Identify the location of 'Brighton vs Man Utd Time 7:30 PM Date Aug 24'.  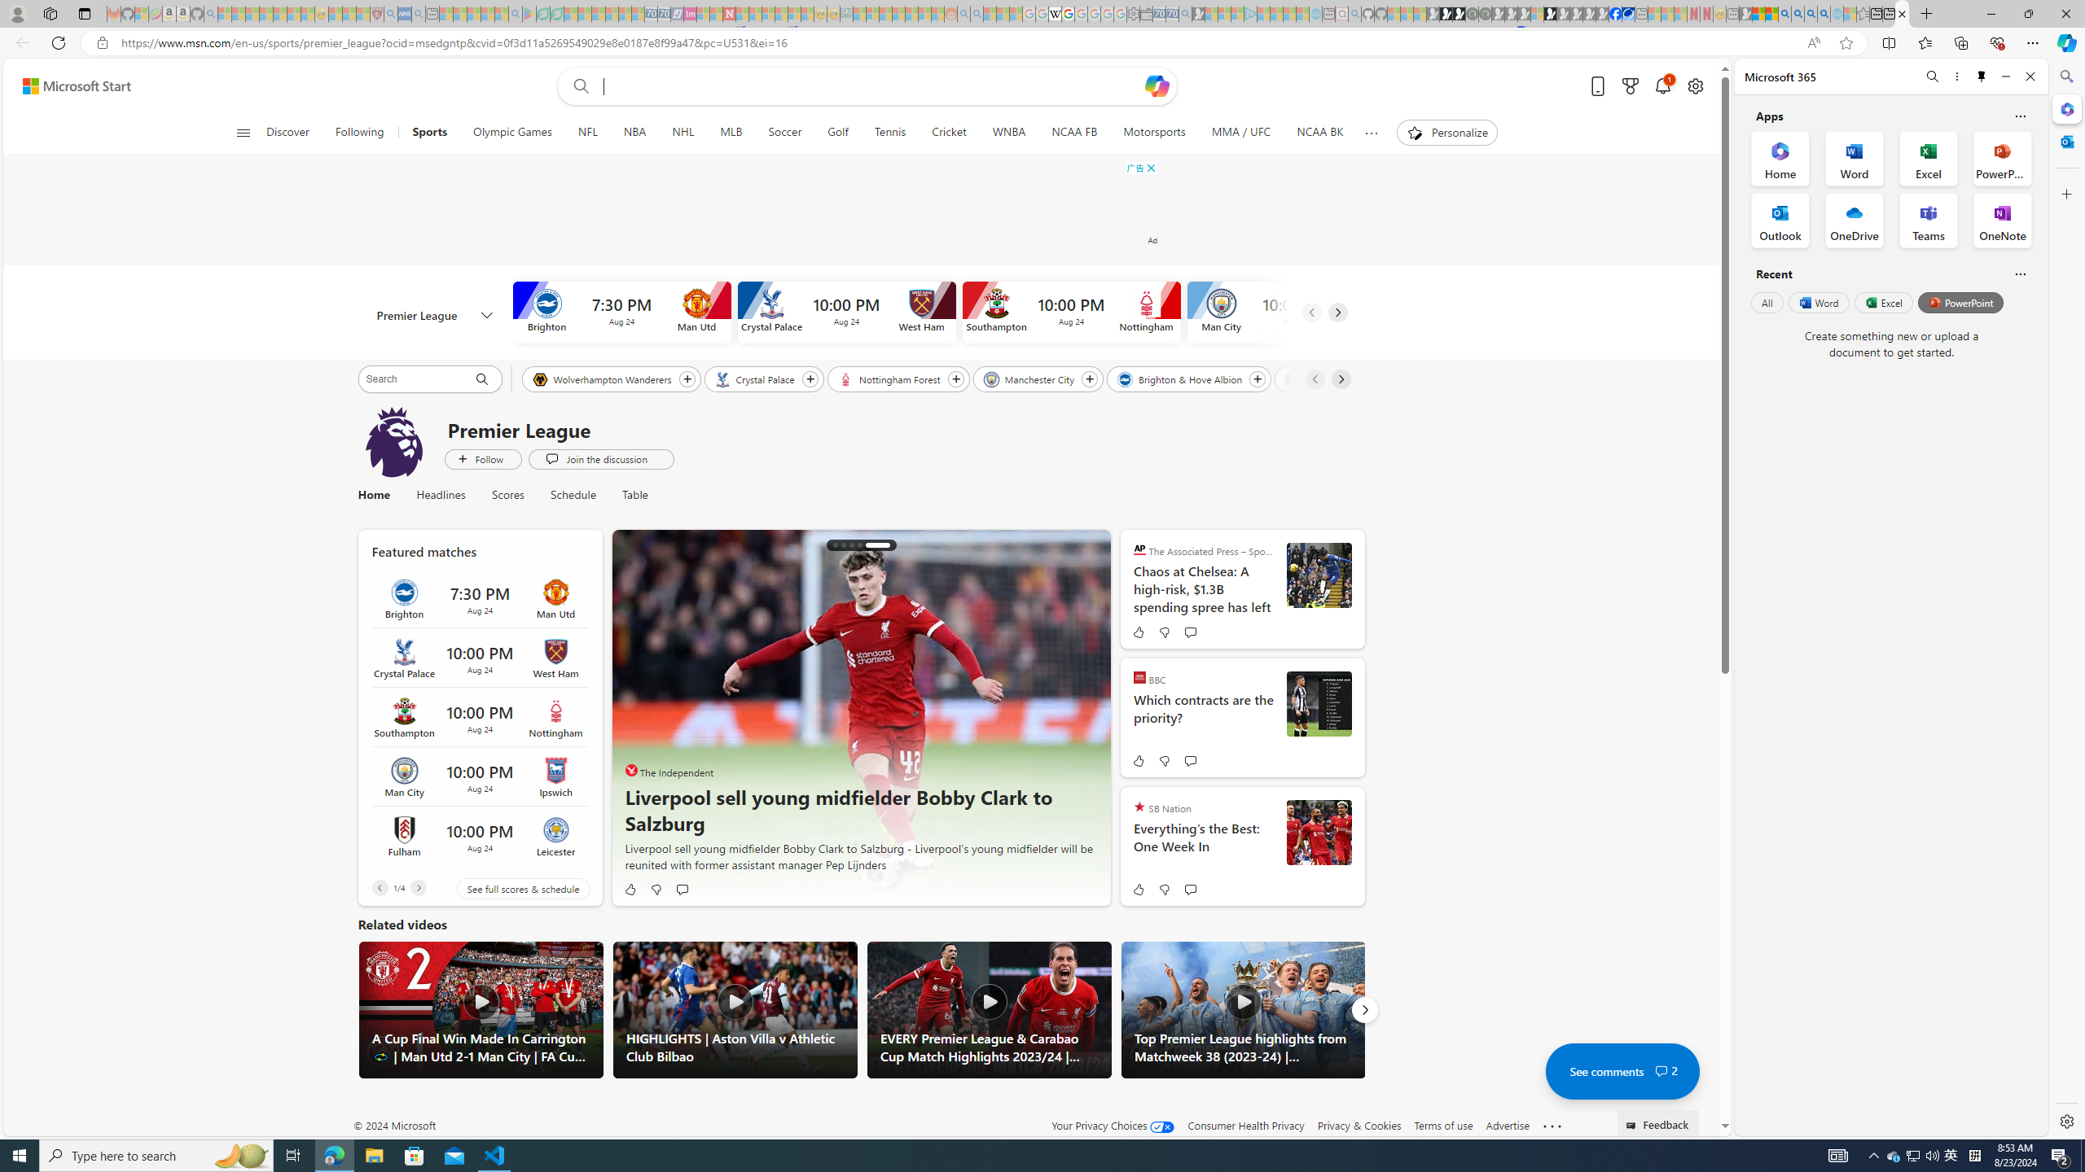
(478, 598).